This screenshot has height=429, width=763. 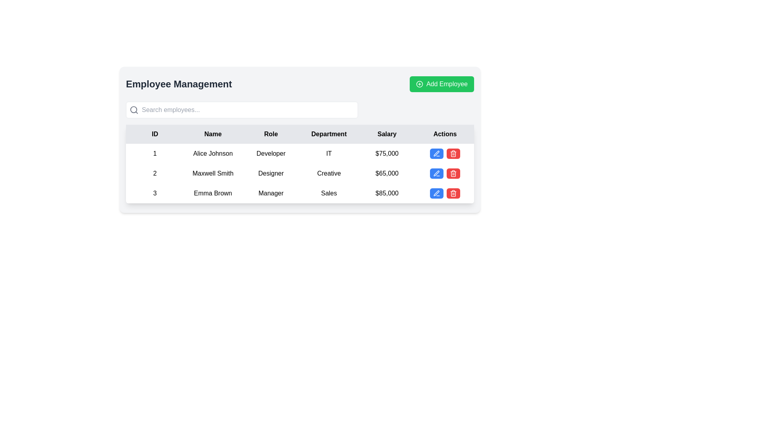 What do you see at coordinates (444, 134) in the screenshot?
I see `the 'Actions' text label, which is the sixth column header in the table, styled in bold black font on a light gray background` at bounding box center [444, 134].